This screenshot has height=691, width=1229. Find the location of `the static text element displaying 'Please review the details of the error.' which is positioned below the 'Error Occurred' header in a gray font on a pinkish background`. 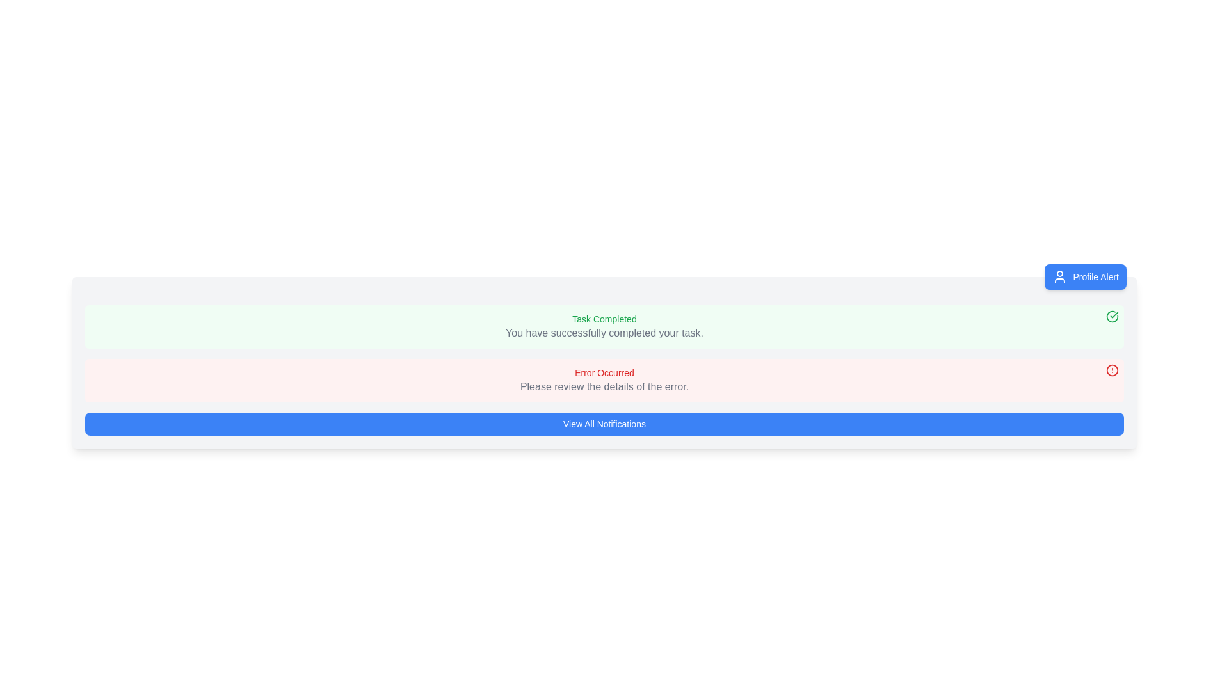

the static text element displaying 'Please review the details of the error.' which is positioned below the 'Error Occurred' header in a gray font on a pinkish background is located at coordinates (604, 386).